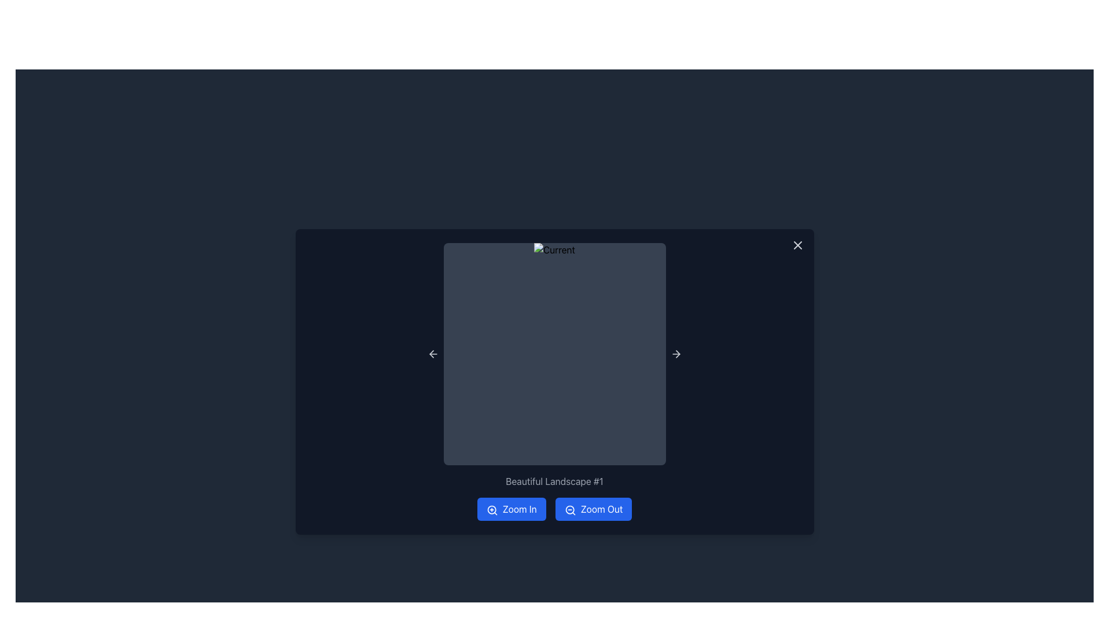 Image resolution: width=1111 pixels, height=625 pixels. I want to click on the 'Zoom In' button, which is a rectangular button with rounded edges, a blue background, and white text, located at the lower center of the interface, so click(511, 508).